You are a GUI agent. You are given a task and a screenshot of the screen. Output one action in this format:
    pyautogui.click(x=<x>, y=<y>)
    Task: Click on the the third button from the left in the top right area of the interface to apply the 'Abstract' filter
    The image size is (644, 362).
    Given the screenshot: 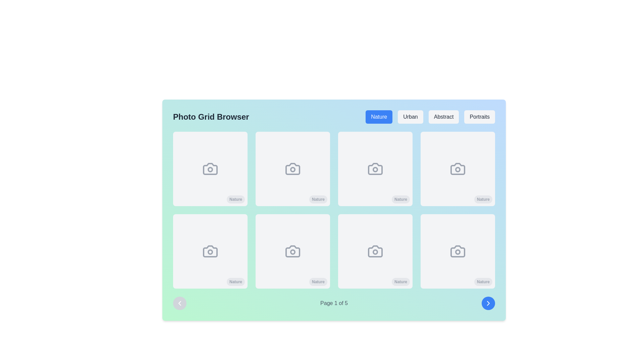 What is the action you would take?
    pyautogui.click(x=444, y=116)
    